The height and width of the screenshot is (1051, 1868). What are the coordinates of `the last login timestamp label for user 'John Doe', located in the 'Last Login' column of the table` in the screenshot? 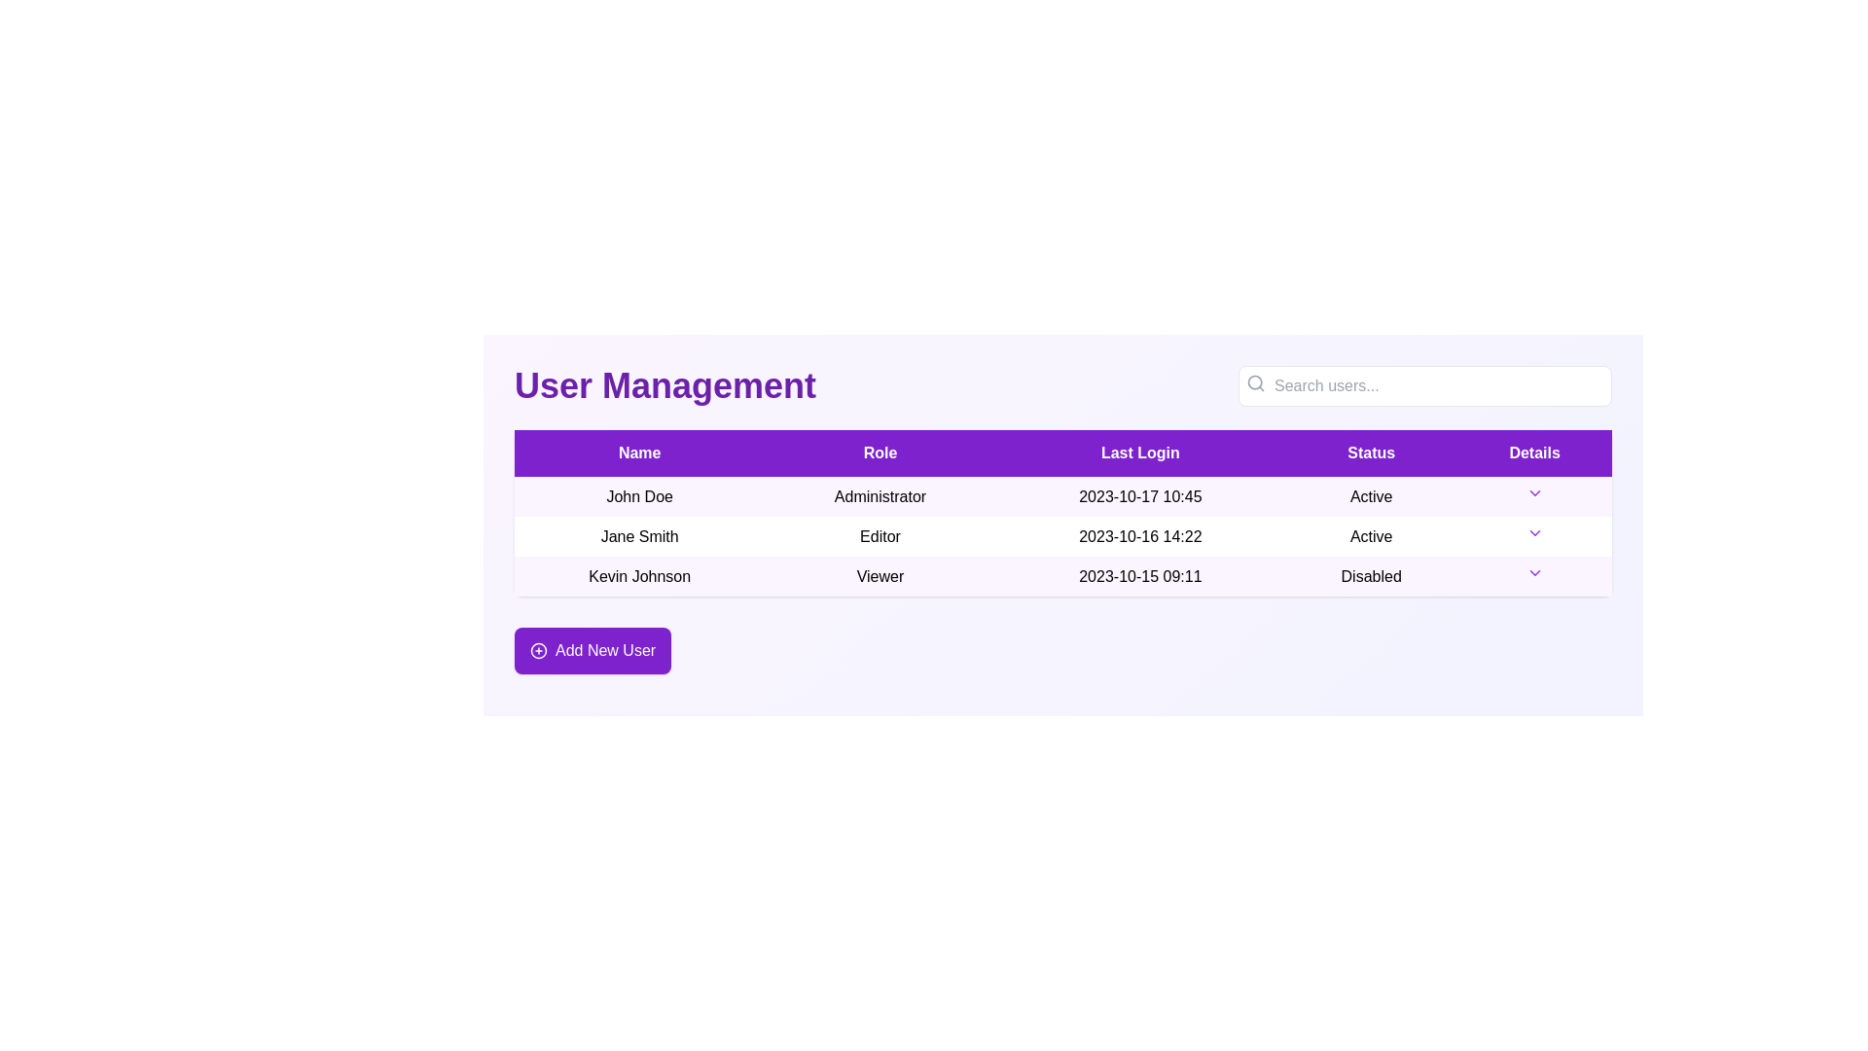 It's located at (1140, 495).